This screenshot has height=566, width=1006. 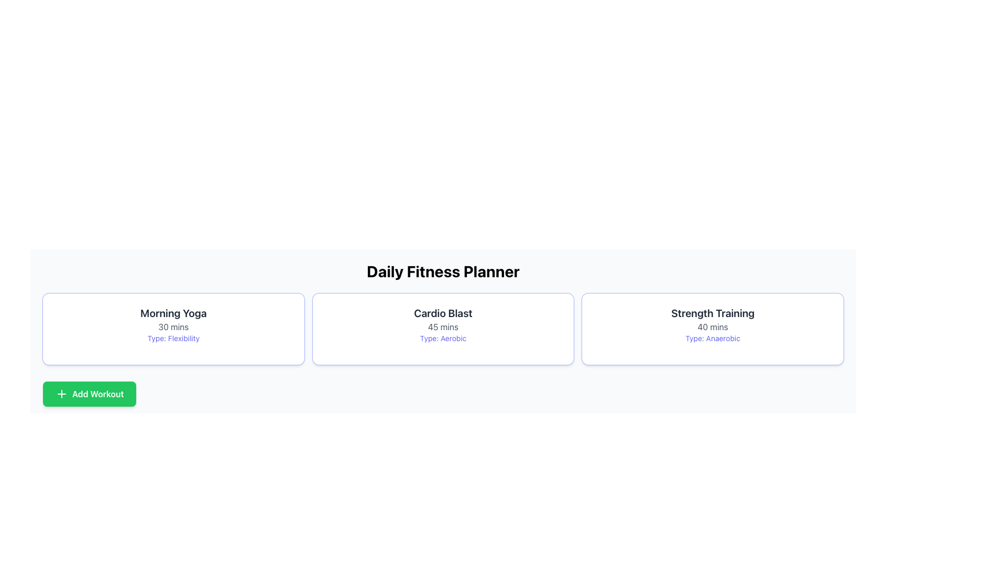 I want to click on text label displaying 'Type: Anaerobic', located directly below the '40 mins' text within the 'Strength Training' section, so click(x=713, y=338).